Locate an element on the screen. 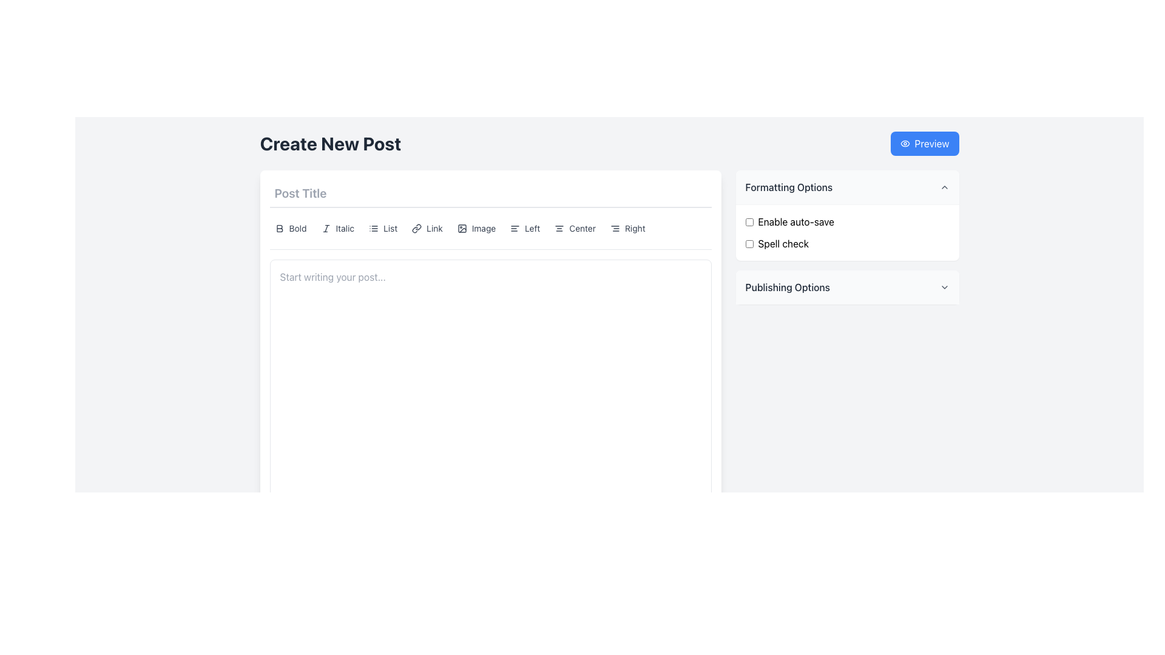 This screenshot has height=655, width=1165. the italic formatting button located between the 'Bold' and 'List' buttons in the toolbar is located at coordinates (337, 229).